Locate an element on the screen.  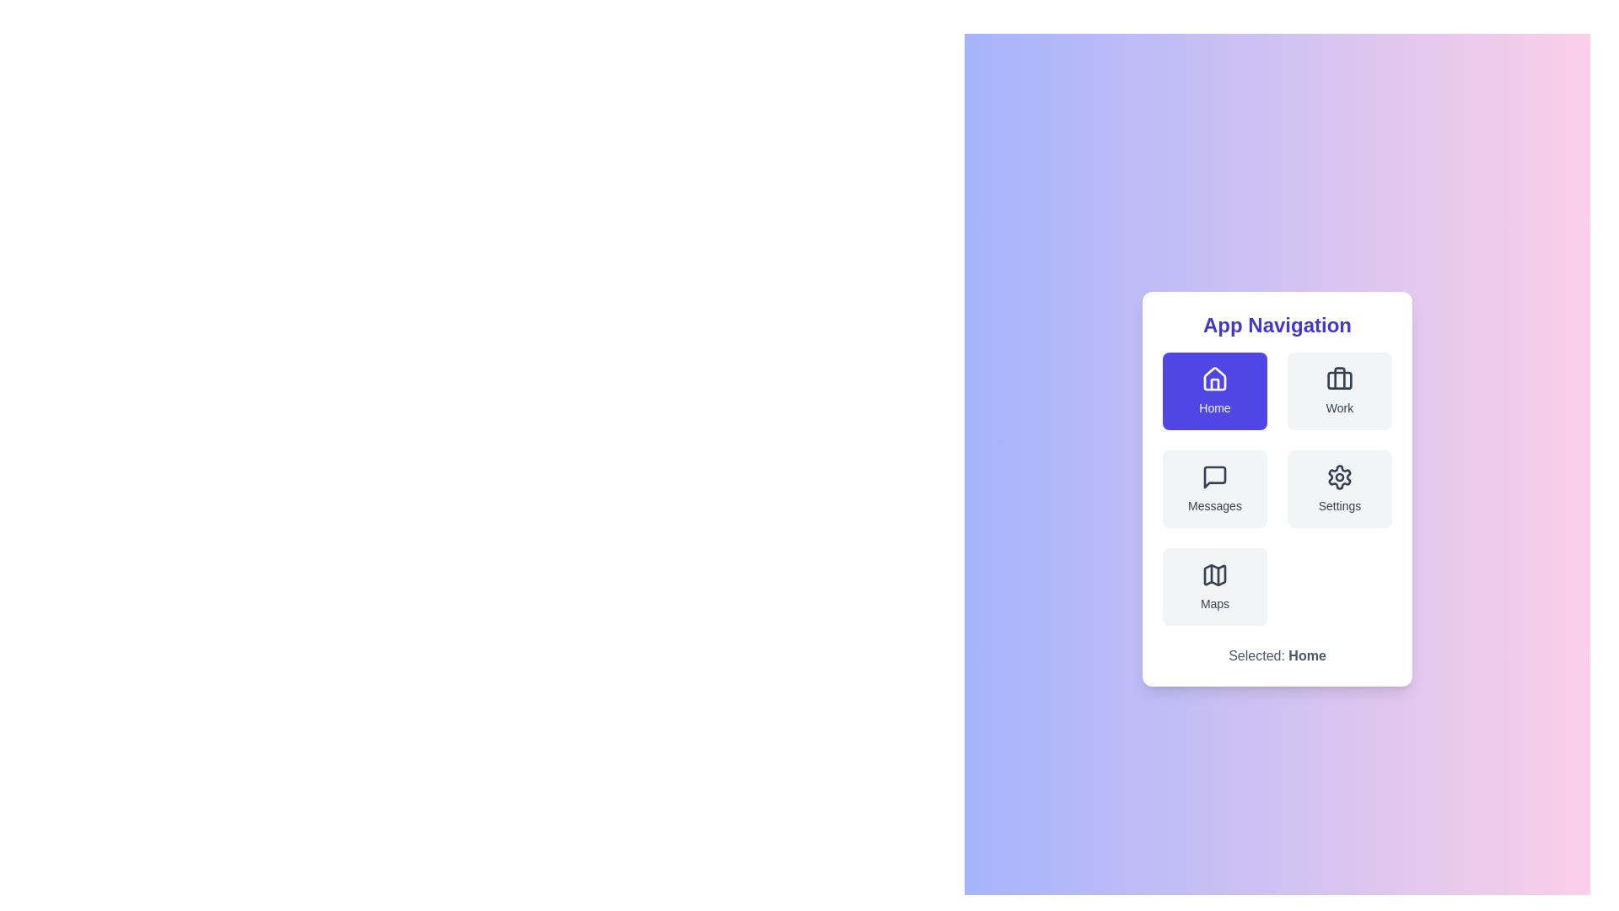
the menu item Messages from the available options is located at coordinates (1214, 488).